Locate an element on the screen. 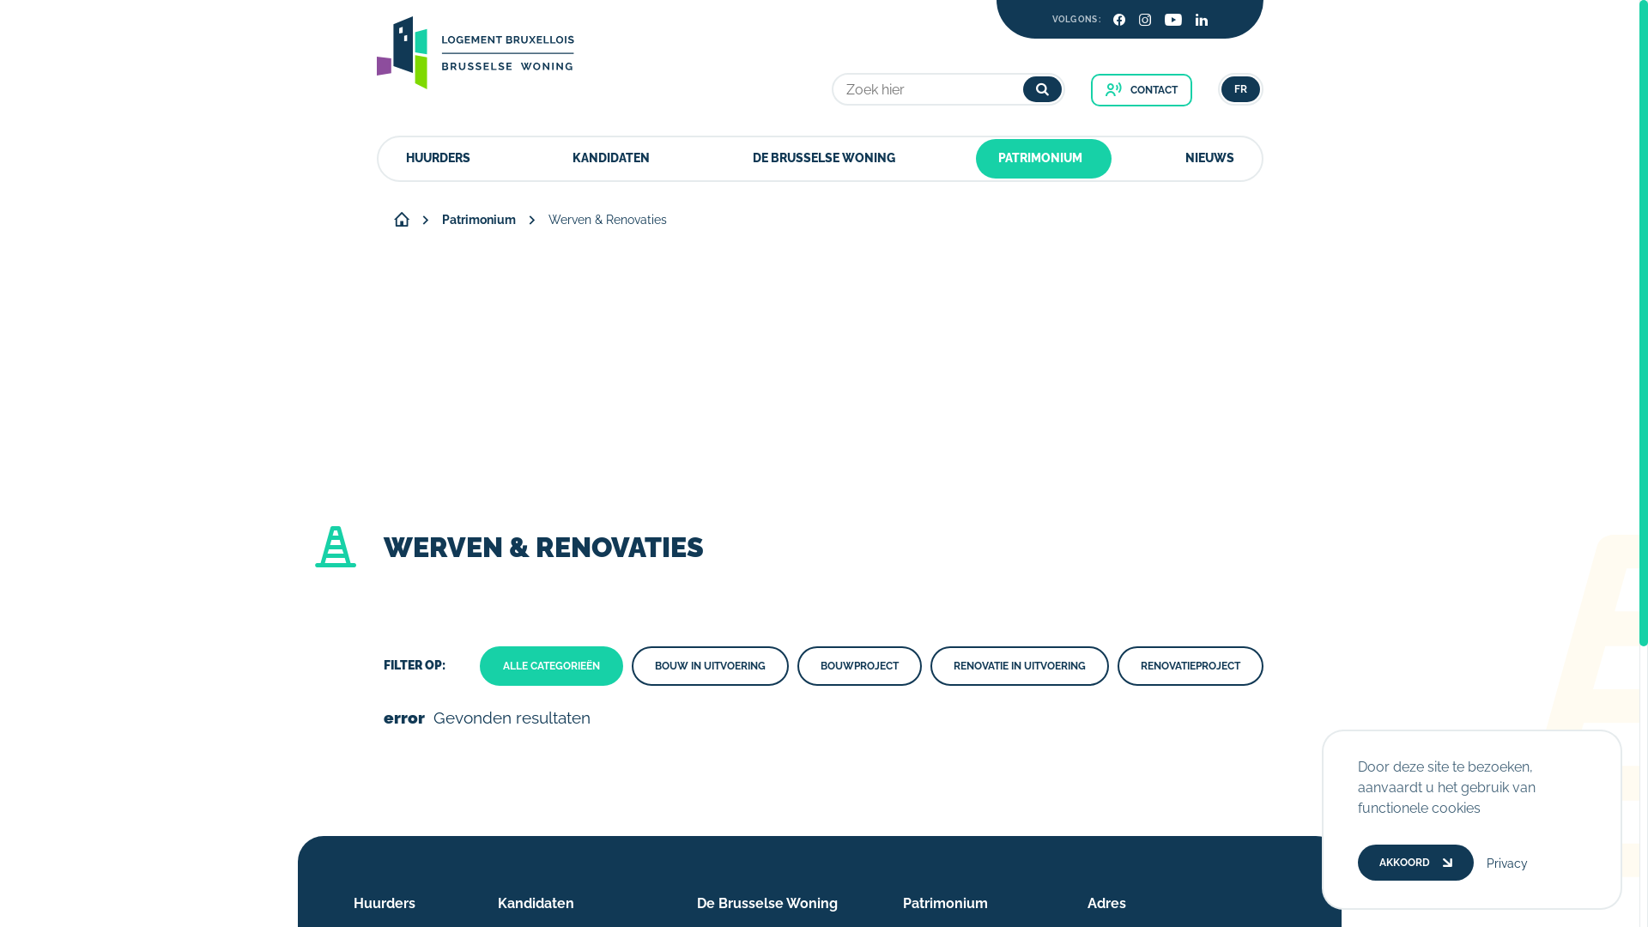 The width and height of the screenshot is (1648, 927). 'Kandidaten' is located at coordinates (535, 902).